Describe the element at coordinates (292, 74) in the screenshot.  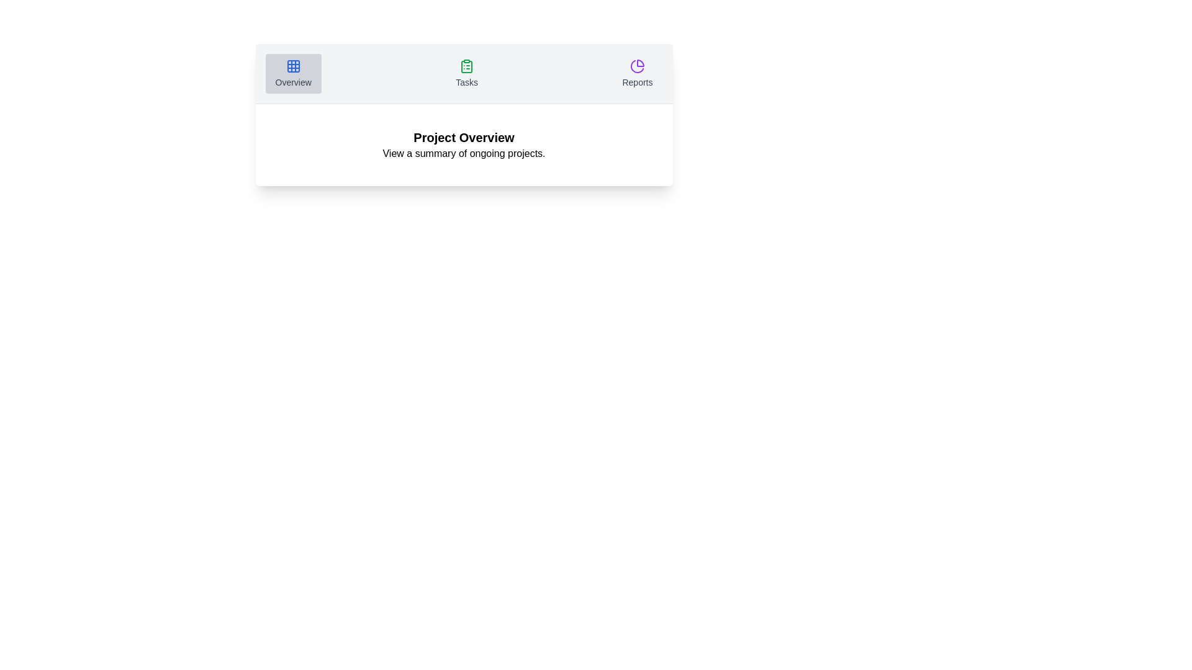
I see `the Overview tab by clicking on its respective button` at that location.